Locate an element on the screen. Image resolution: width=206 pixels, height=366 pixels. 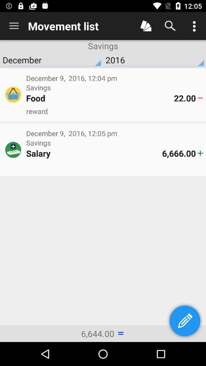
options is located at coordinates (194, 26).